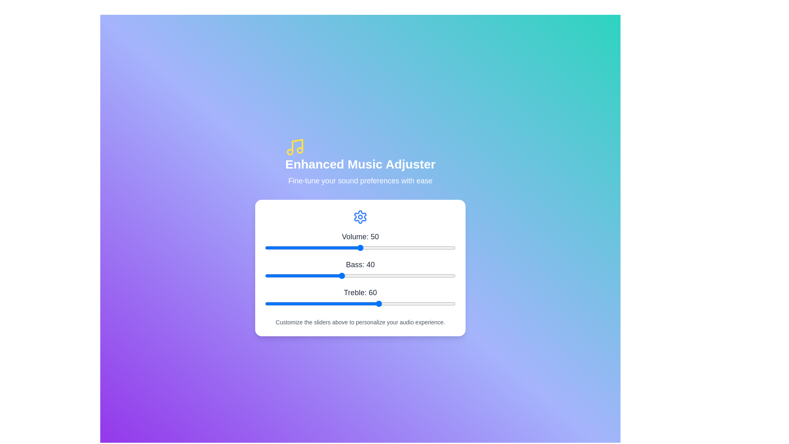  I want to click on the treble slider to 2, so click(269, 304).